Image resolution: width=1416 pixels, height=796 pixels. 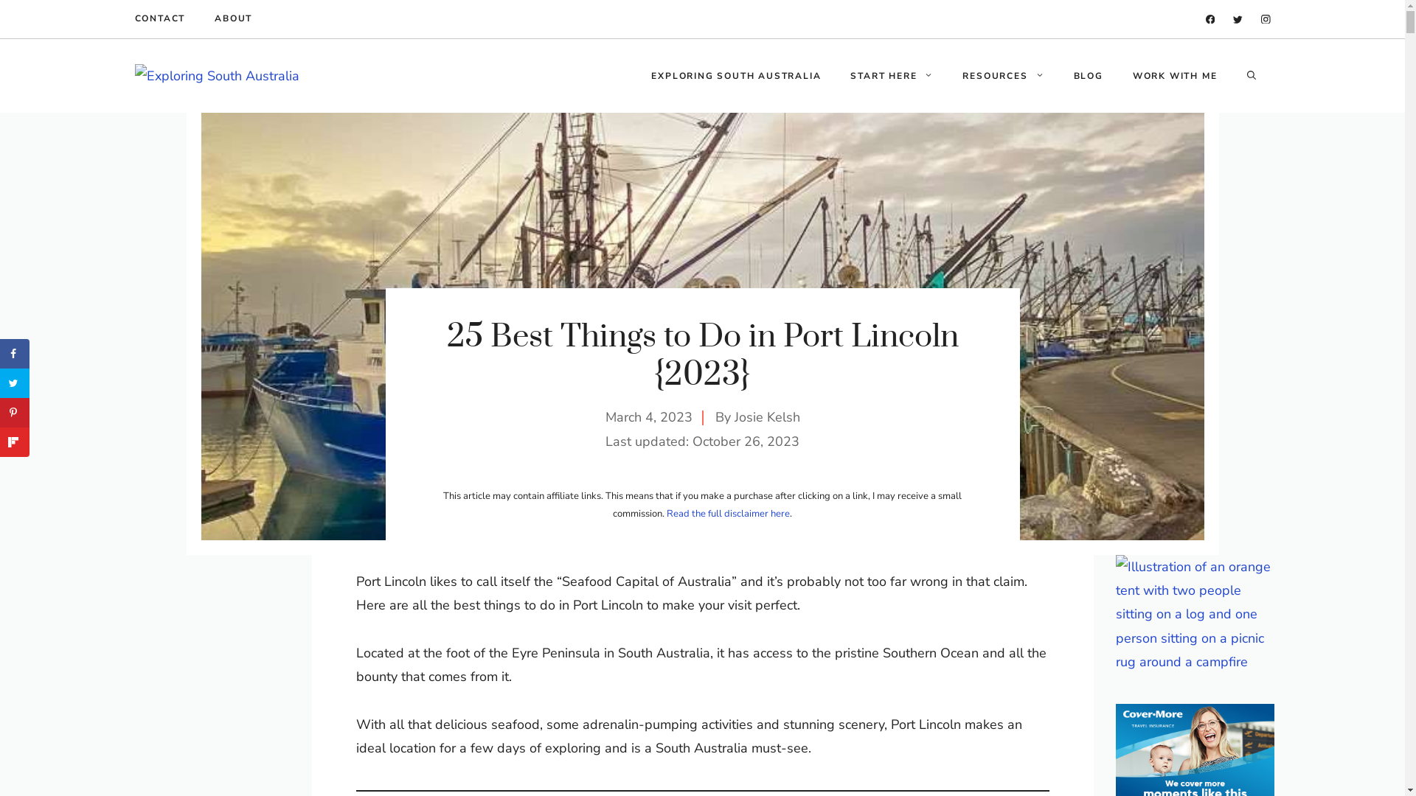 I want to click on 'WORK WITH ME', so click(x=1174, y=76).